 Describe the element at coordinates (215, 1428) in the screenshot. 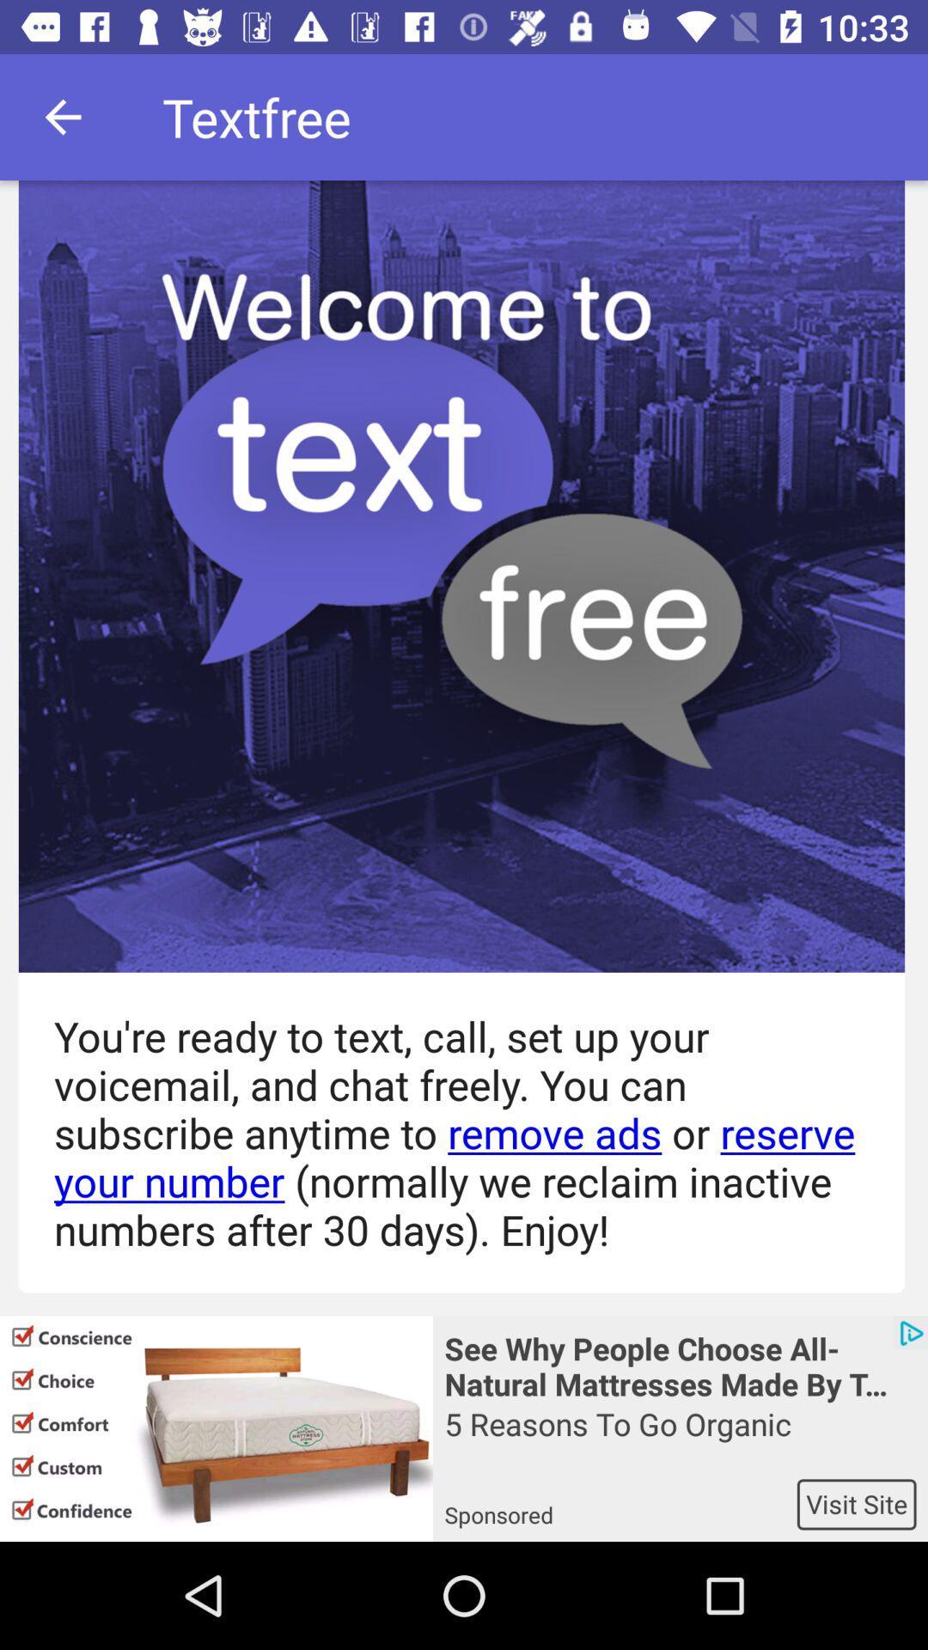

I see `icon to the left of see why people` at that location.